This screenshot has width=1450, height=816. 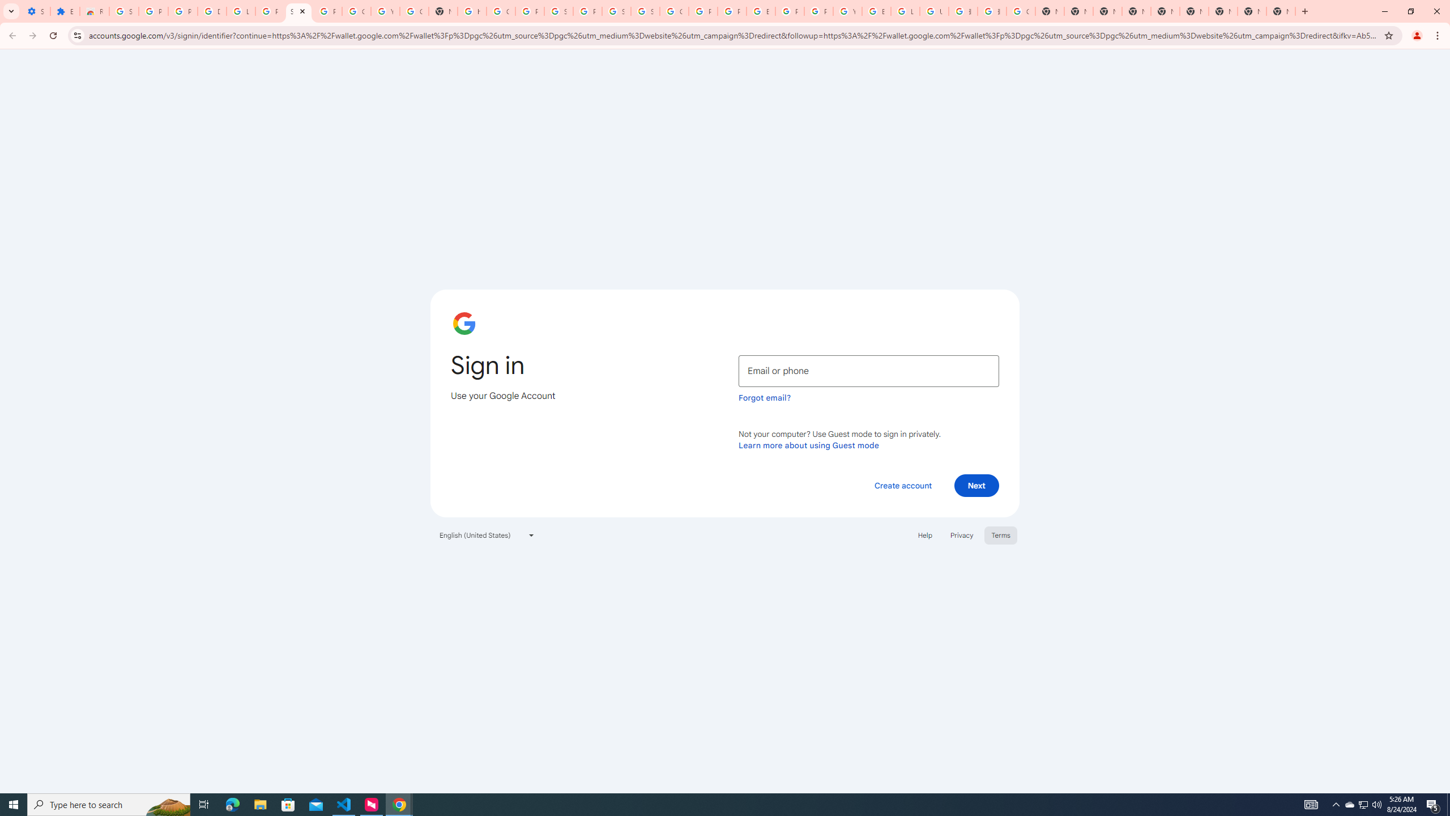 I want to click on 'Create account', so click(x=902, y=484).